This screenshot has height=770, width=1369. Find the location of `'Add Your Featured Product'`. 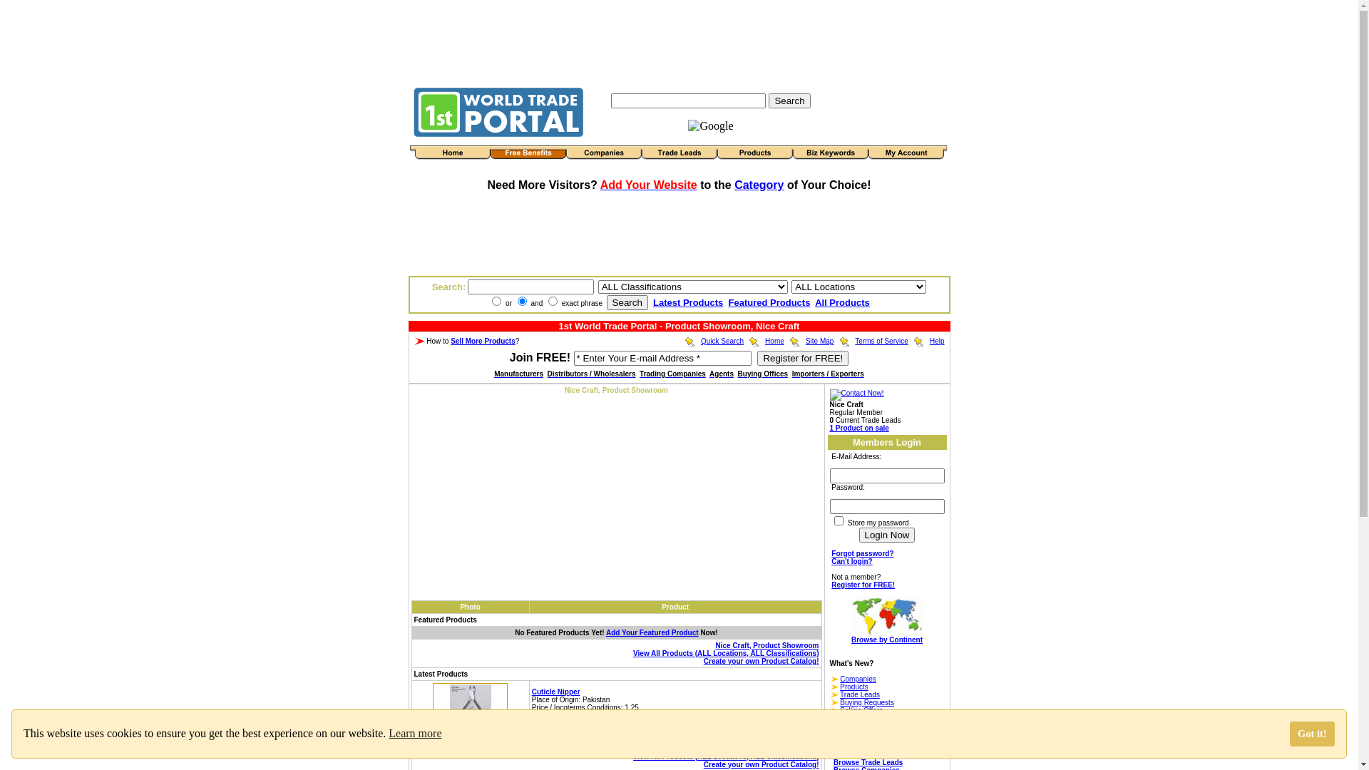

'Add Your Featured Product' is located at coordinates (652, 632).